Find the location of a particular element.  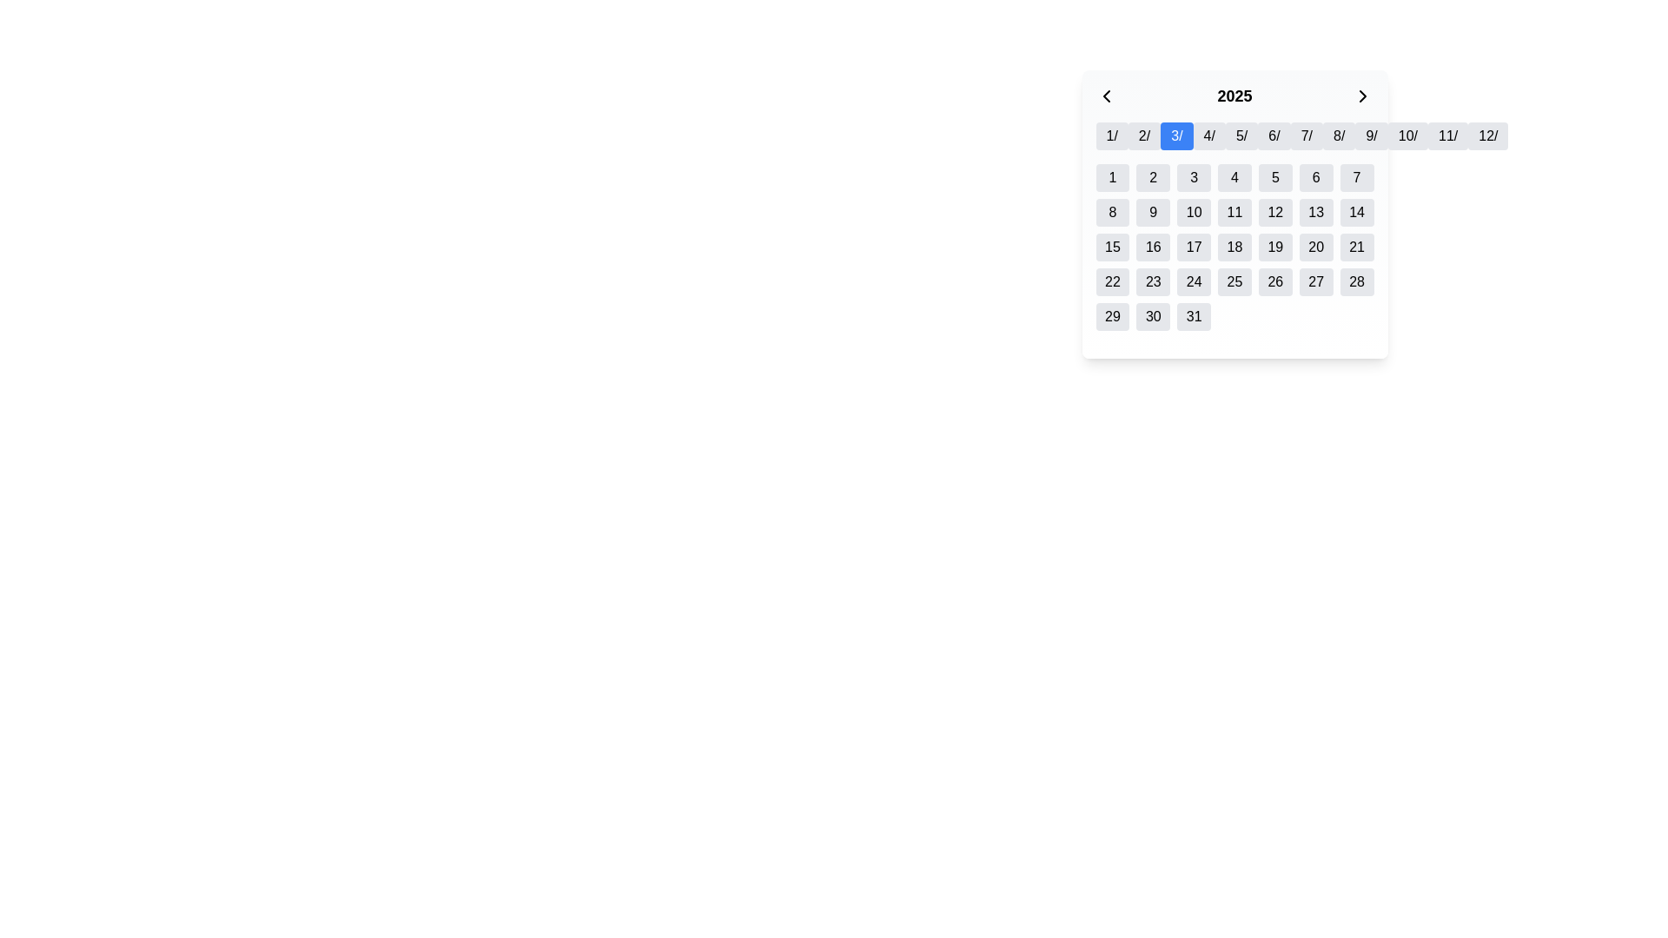

the button representing the selectable day (the 10th) in the calendar interface is located at coordinates (1192, 212).